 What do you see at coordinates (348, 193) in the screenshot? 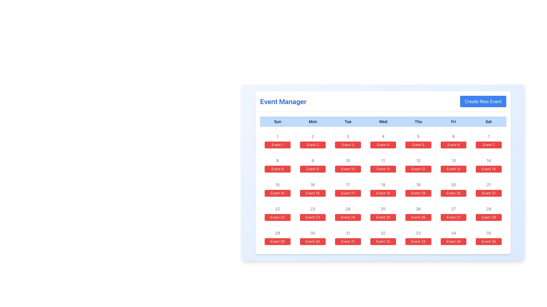
I see `the 'Event 17' button in the calendar layout` at bounding box center [348, 193].